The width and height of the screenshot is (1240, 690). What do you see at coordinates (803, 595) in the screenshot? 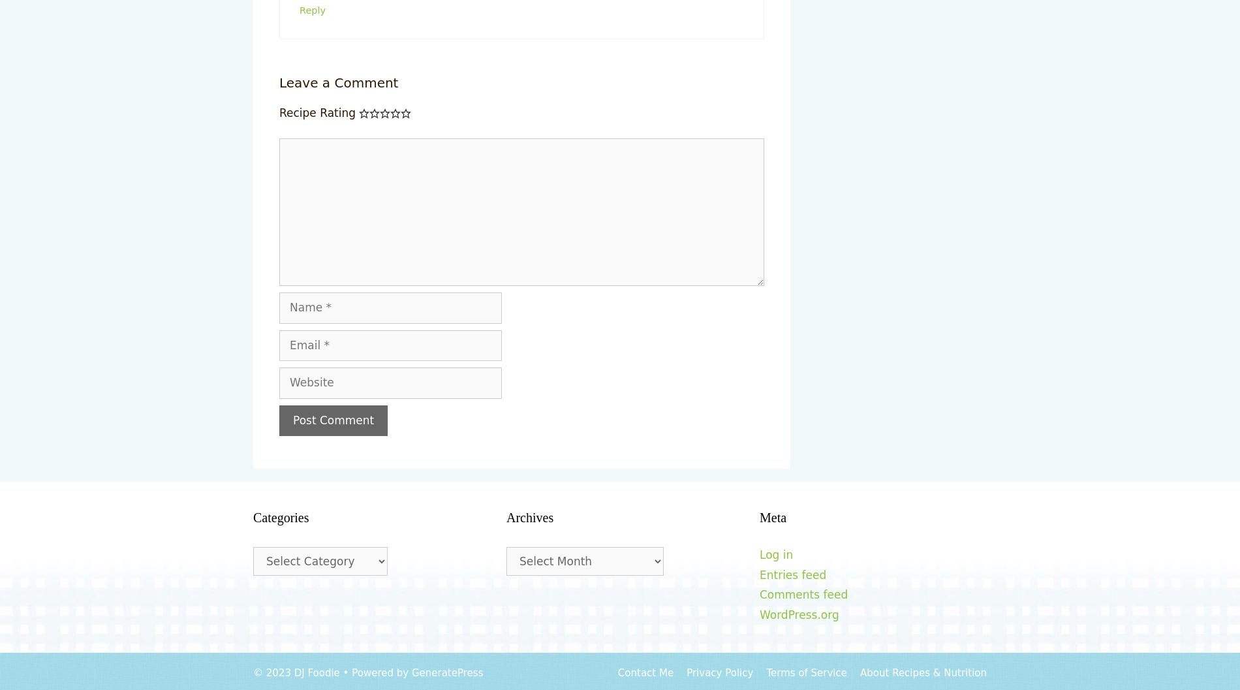
I see `'Comments feed'` at bounding box center [803, 595].